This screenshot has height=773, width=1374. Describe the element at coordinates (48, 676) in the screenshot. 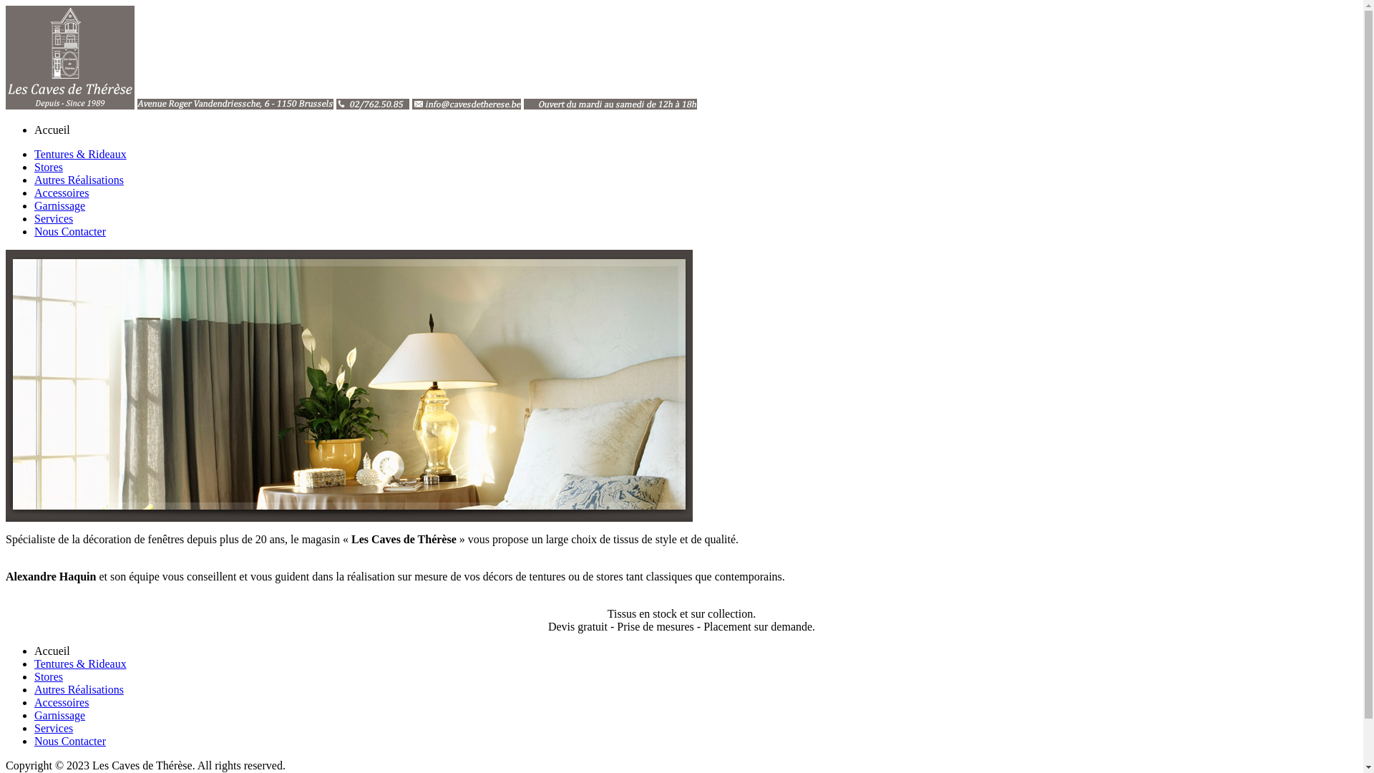

I see `'Stores'` at that location.